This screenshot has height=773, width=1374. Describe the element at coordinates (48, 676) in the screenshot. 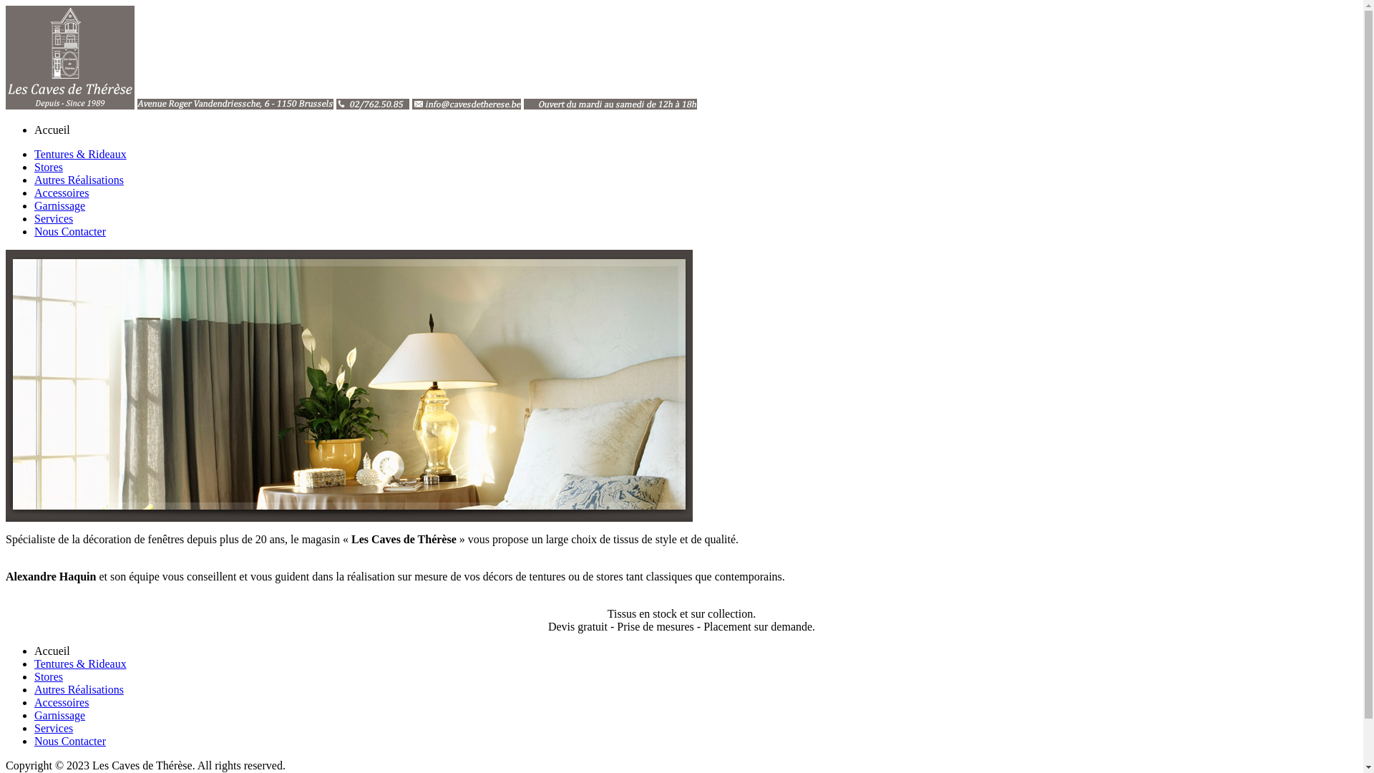

I see `'Stores'` at that location.